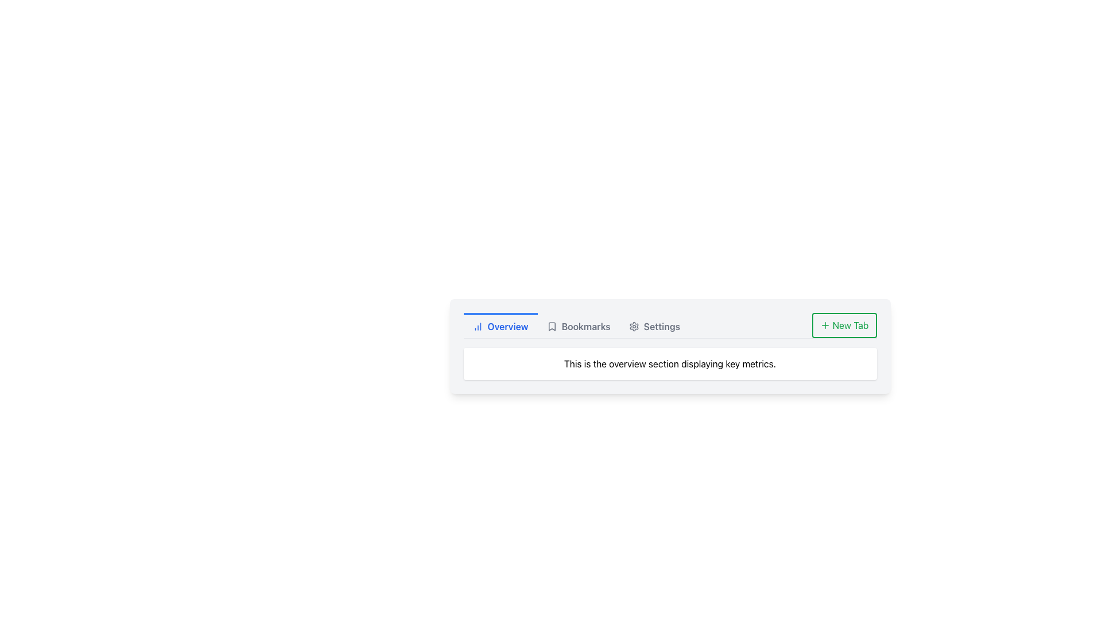  Describe the element at coordinates (633, 327) in the screenshot. I see `the settings icon located to the left of the 'Settings' text in the main navigation bar` at that location.